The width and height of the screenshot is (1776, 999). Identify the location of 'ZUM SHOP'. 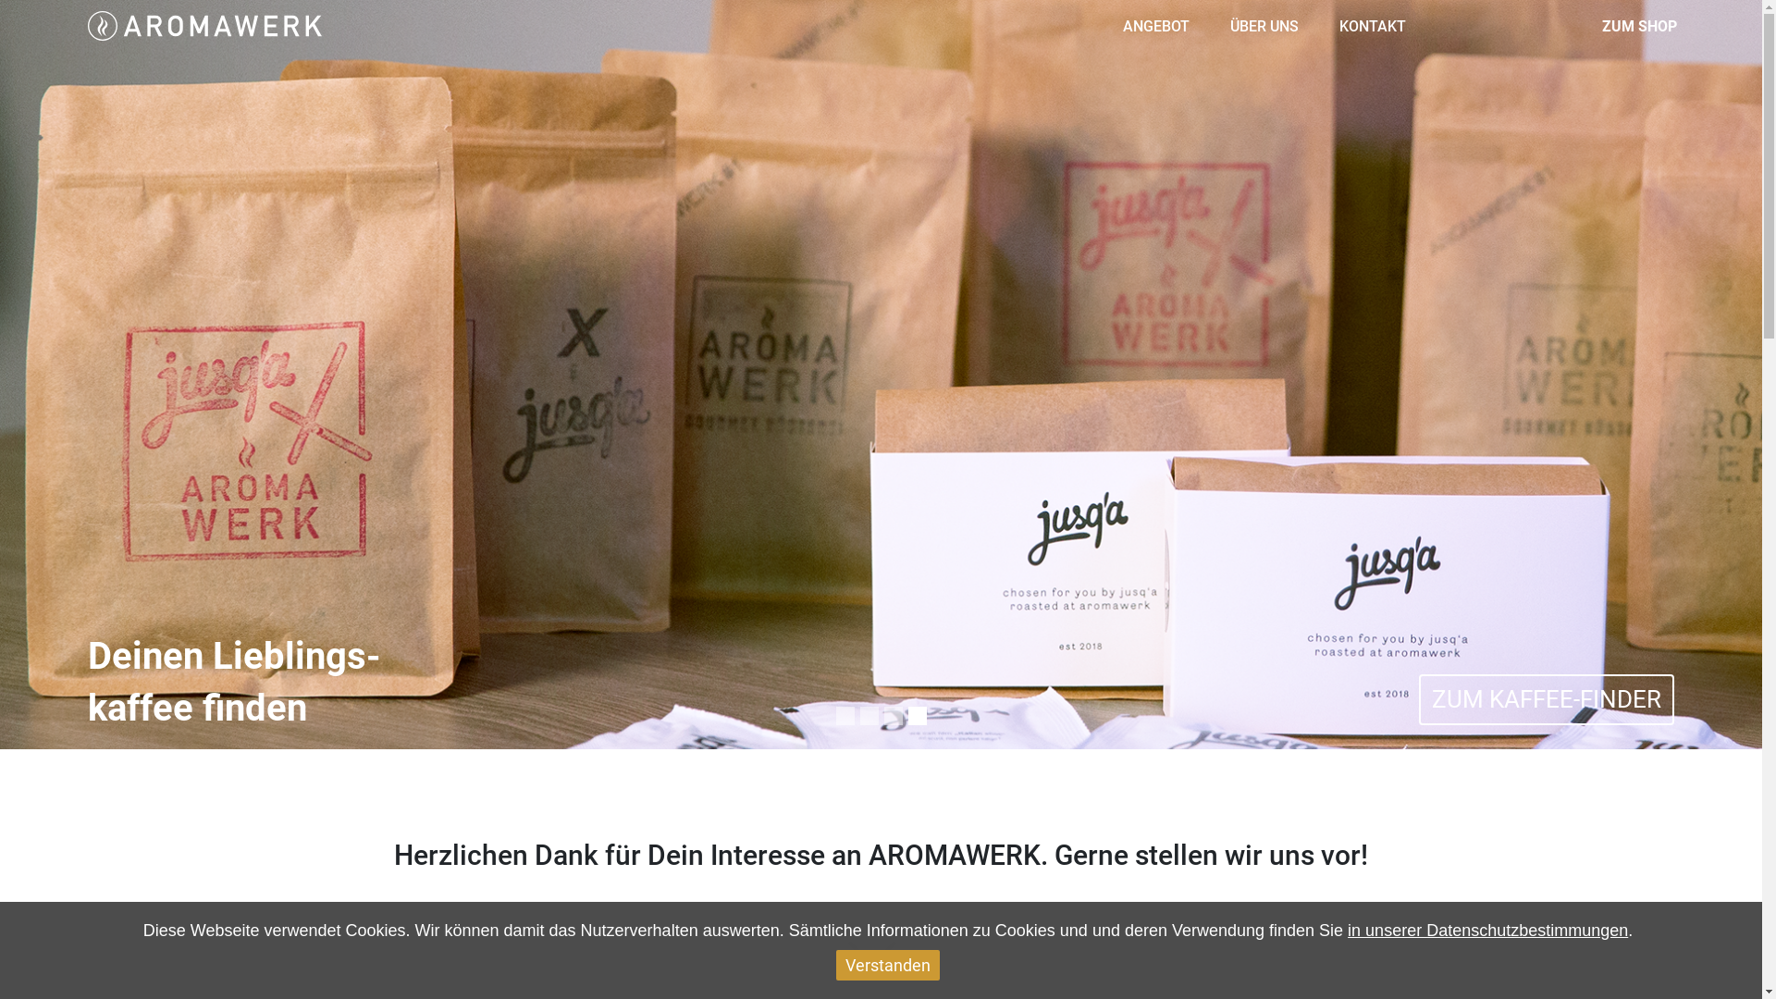
(1639, 25).